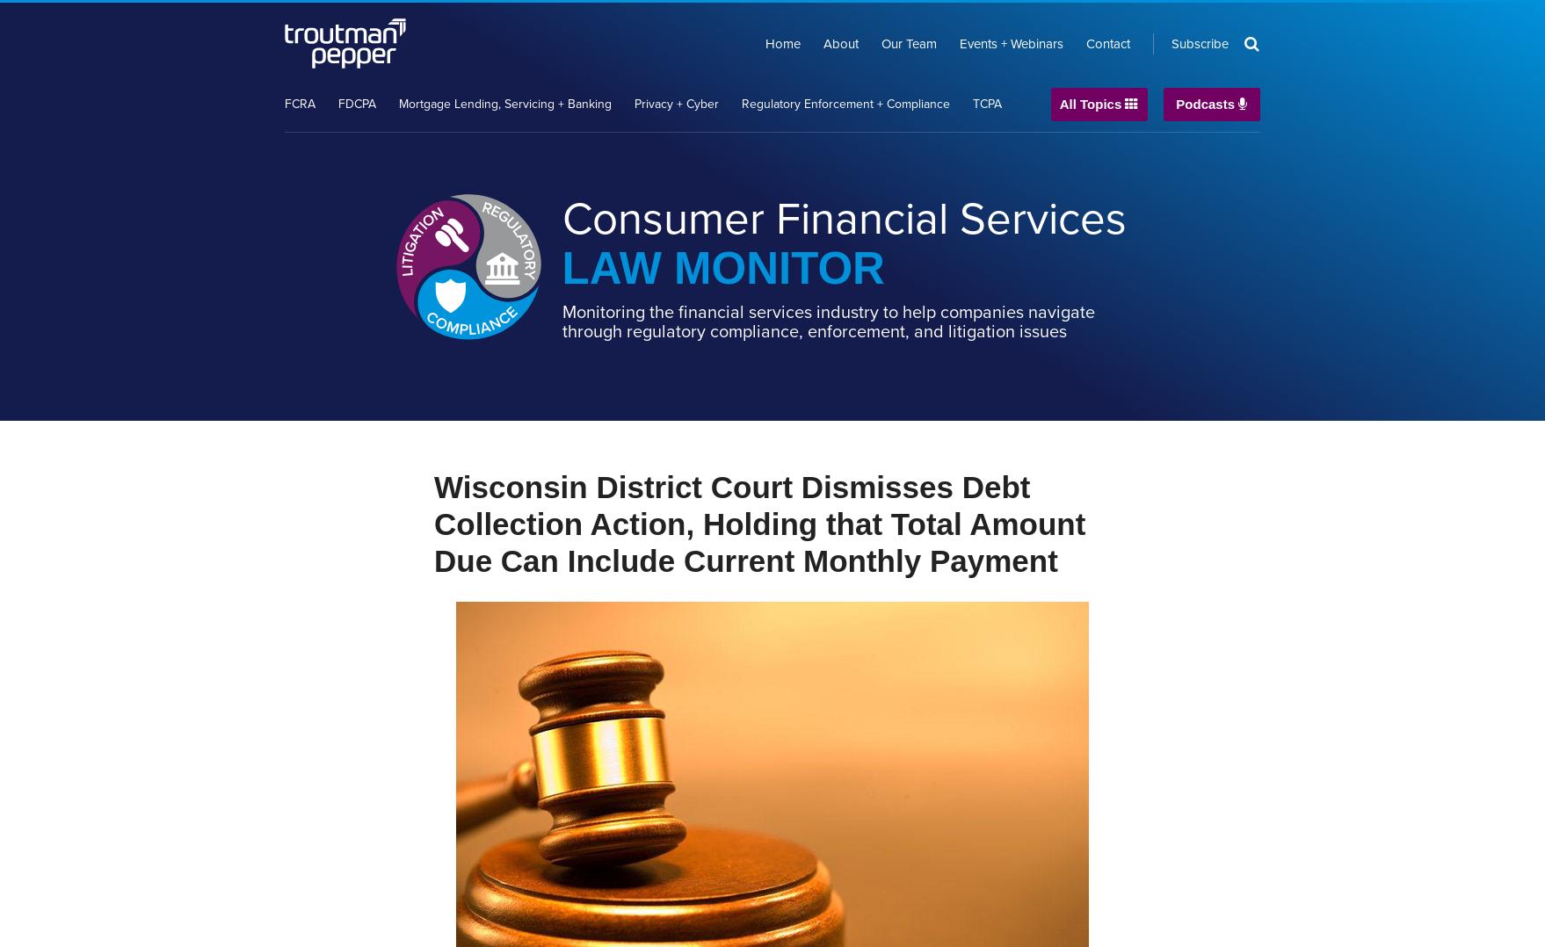 Image resolution: width=1545 pixels, height=947 pixels. Describe the element at coordinates (1204, 104) in the screenshot. I see `'Podcasts'` at that location.